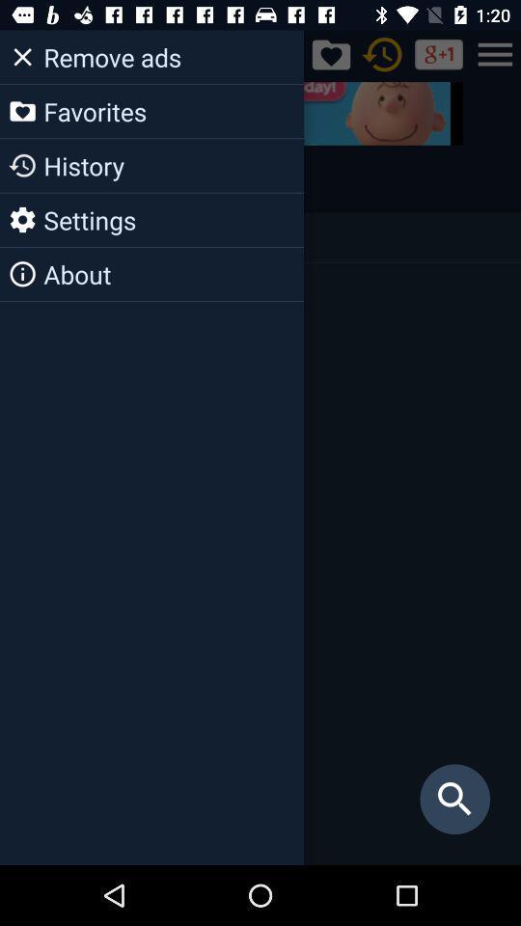  I want to click on the history icon, so click(382, 53).